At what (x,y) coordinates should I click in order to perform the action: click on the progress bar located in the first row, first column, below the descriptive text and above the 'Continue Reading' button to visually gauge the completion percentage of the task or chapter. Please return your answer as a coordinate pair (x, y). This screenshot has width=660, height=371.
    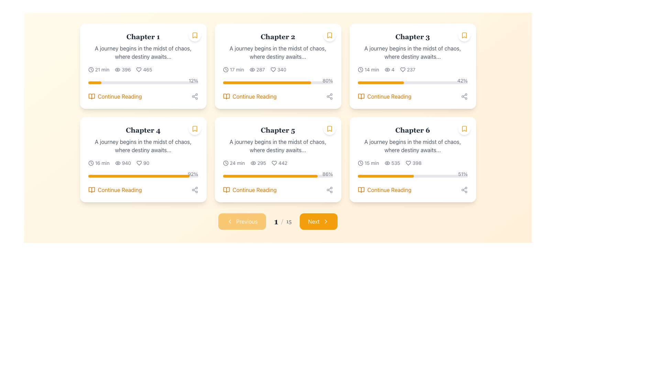
    Looking at the image, I should click on (143, 82).